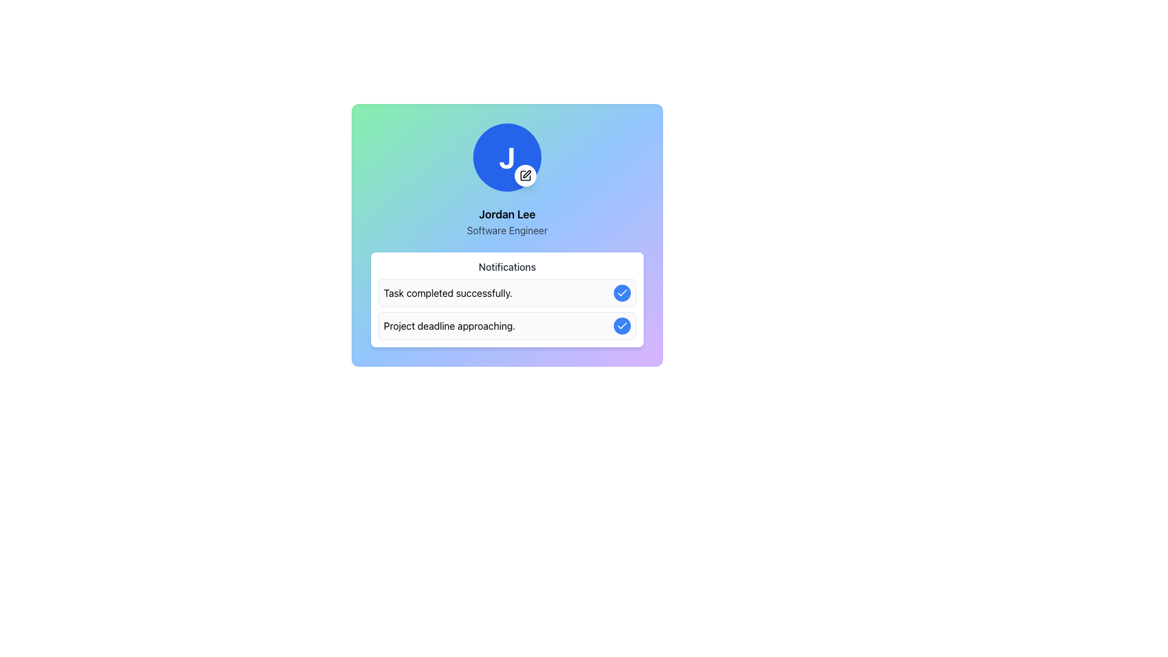 This screenshot has height=657, width=1168. I want to click on the text element displaying 'Task completed successfully.' which is located at the top of the notification box, near the blue circular checkmark icon, so click(447, 293).